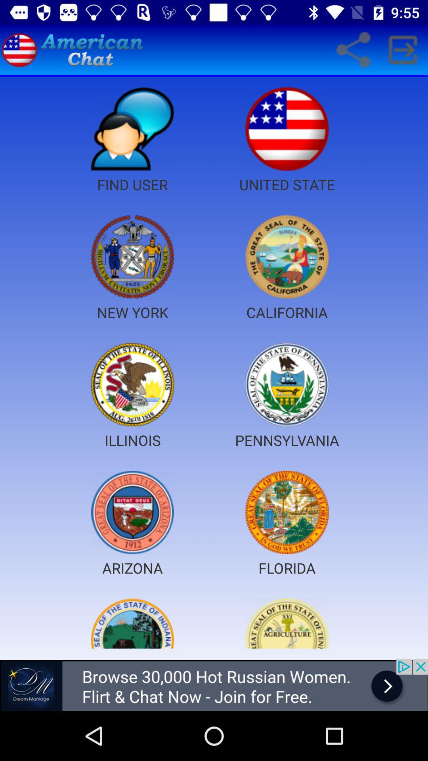  I want to click on symbol which is right hand side of share icon, so click(403, 49).